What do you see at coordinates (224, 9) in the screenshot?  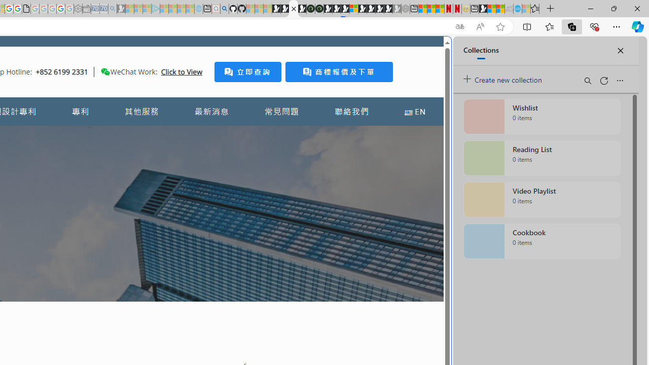 I see `'github - Search'` at bounding box center [224, 9].